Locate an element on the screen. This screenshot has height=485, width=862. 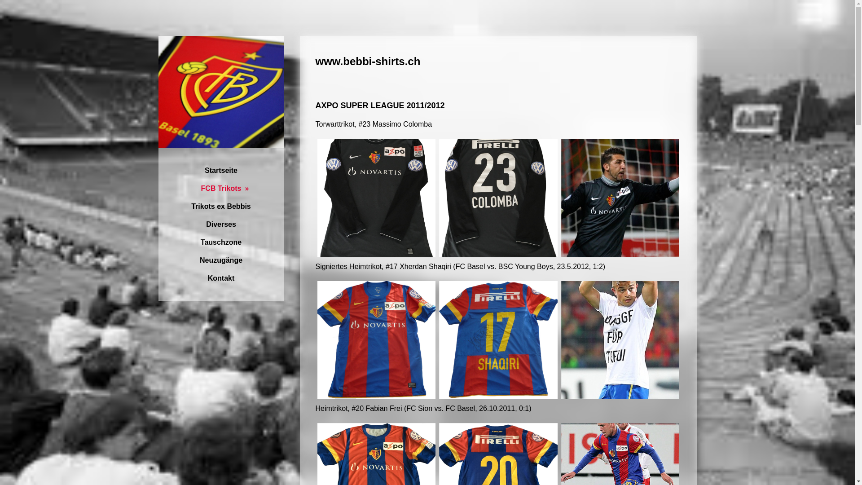
'Trikots ex Bebbis' is located at coordinates (220, 206).